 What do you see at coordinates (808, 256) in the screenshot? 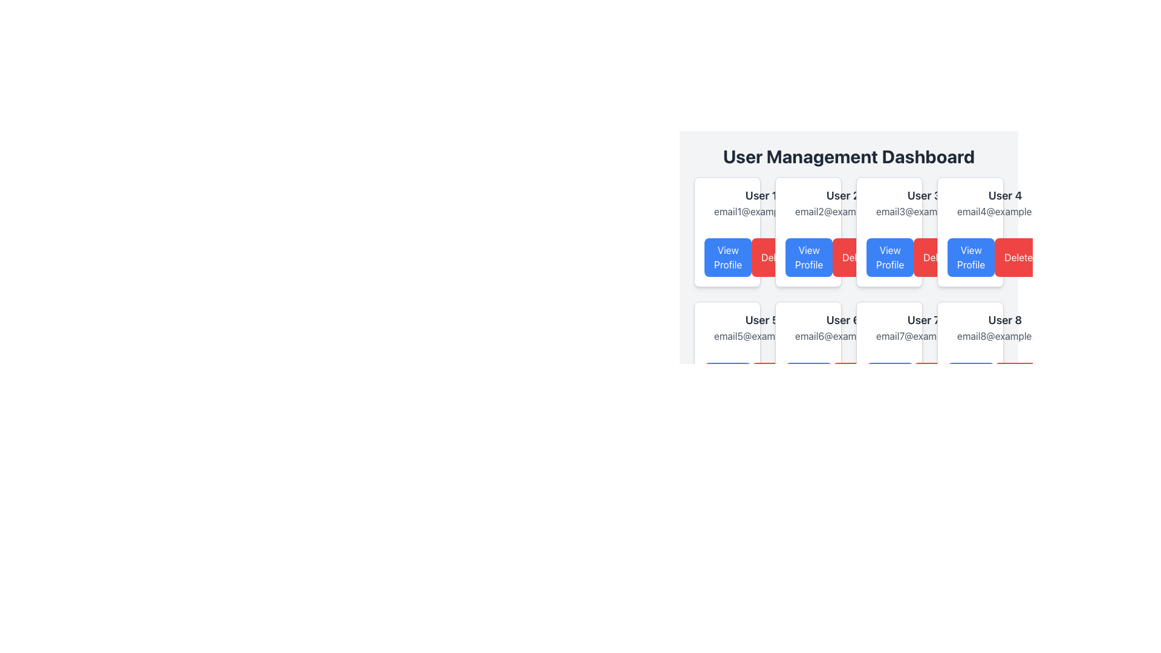
I see `the leftmost button in the 'User 2' card located below the email address 'email2@example.com'` at bounding box center [808, 256].